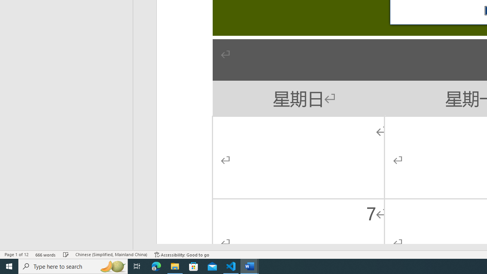 The image size is (487, 274). Describe the element at coordinates (156, 266) in the screenshot. I see `'Microsoft Edge'` at that location.